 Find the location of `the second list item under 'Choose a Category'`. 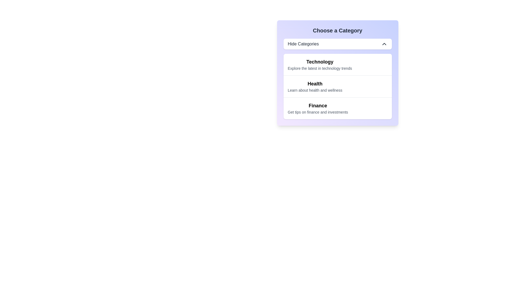

the second list item under 'Choose a Category' is located at coordinates (315, 86).